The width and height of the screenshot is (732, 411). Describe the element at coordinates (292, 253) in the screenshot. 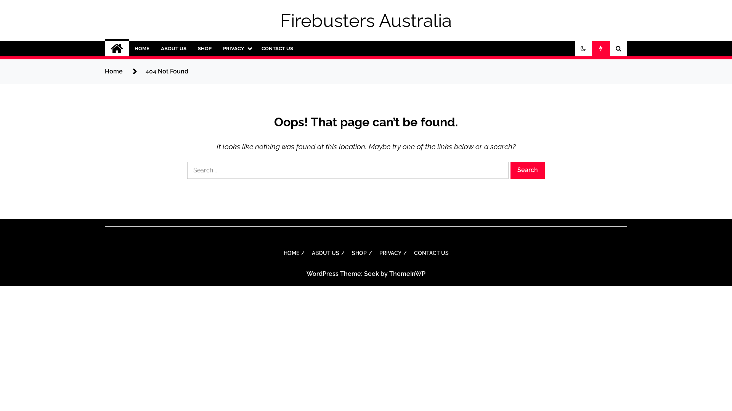

I see `'HOME'` at that location.